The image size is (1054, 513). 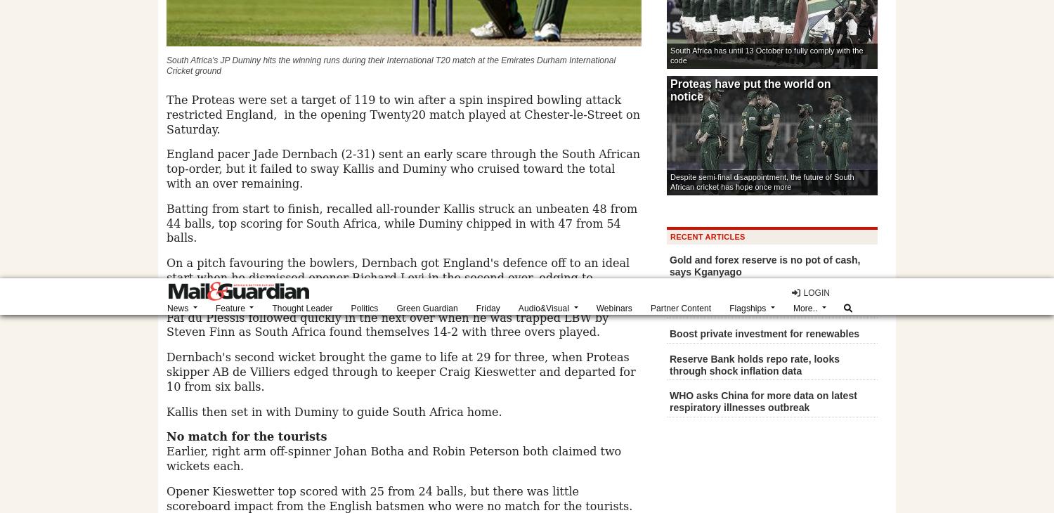 I want to click on 'About', so click(x=199, y=55).